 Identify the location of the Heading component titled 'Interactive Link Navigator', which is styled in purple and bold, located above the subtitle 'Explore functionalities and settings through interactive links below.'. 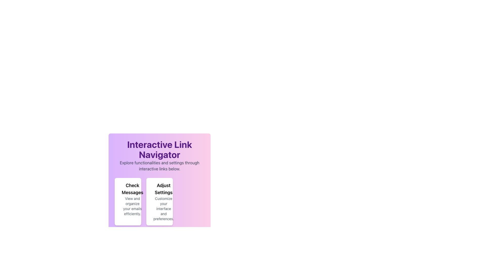
(159, 149).